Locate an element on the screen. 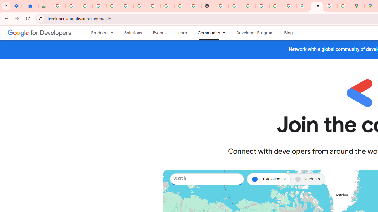 The height and width of the screenshot is (212, 378). 'Blog' is located at coordinates (289, 33).